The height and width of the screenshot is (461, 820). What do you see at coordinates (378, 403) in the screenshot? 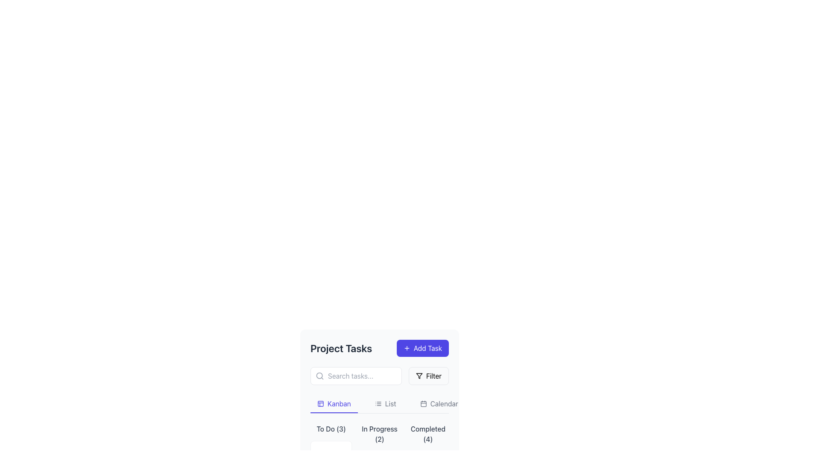
I see `the list view icon located between the Kanban and Calendar icons` at bounding box center [378, 403].